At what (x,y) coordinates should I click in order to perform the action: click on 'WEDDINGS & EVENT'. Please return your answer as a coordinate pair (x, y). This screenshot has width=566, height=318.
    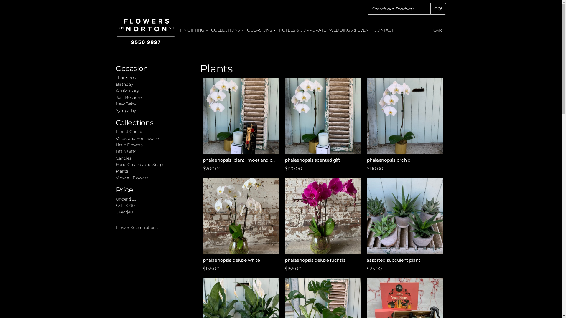
    Looking at the image, I should click on (350, 30).